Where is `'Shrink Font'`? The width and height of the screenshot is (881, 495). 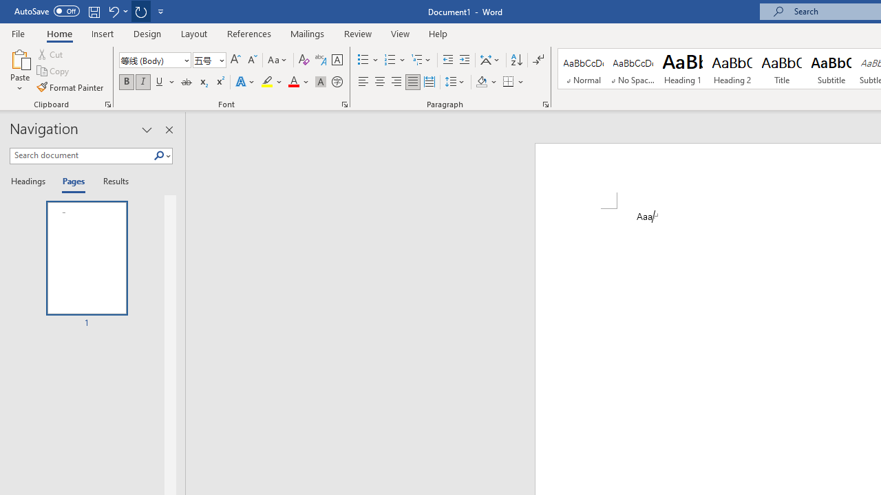 'Shrink Font' is located at coordinates (252, 59).